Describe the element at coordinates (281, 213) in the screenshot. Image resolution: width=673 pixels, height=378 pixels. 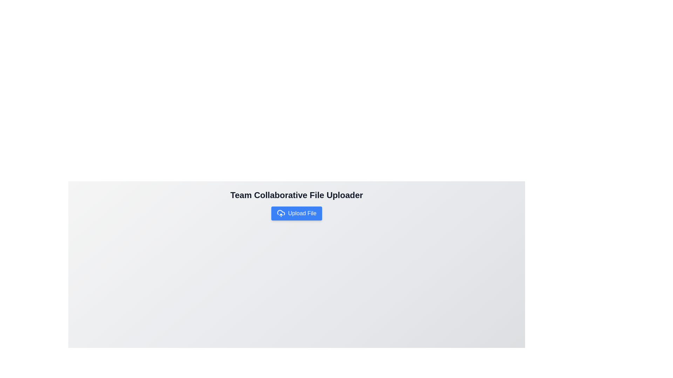
I see `the upload icon, which is a cloud with an upward arrow, located to the left of the 'Upload File' text button` at that location.